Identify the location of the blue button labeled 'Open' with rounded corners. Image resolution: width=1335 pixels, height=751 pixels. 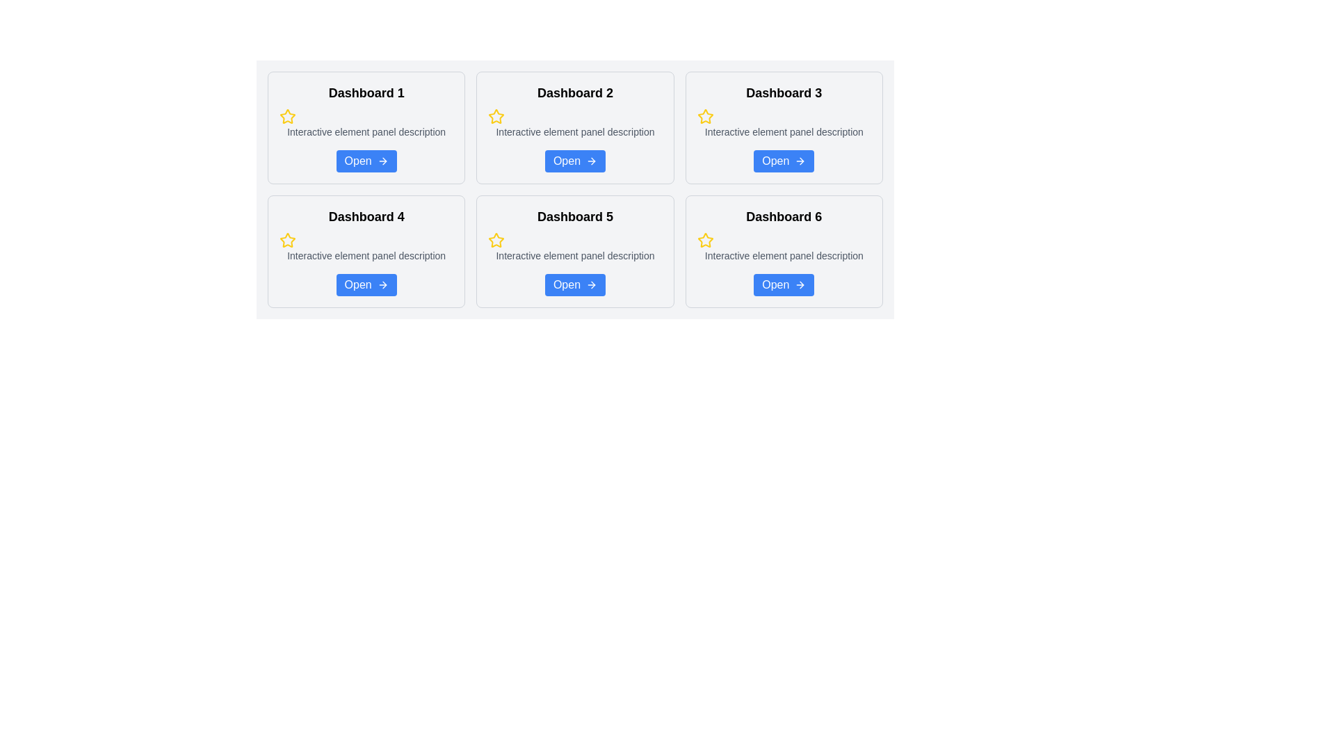
(366, 284).